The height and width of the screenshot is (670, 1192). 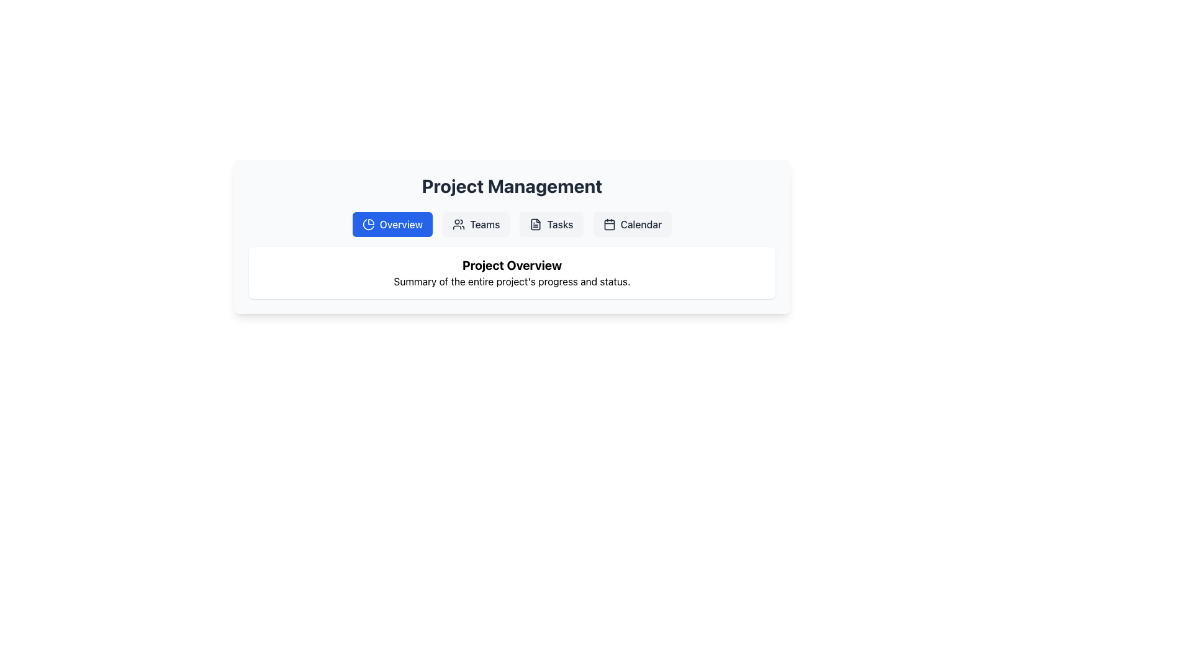 I want to click on the main panel of the calendar icon located within the 'Calendar' button in the navigation bar, so click(x=609, y=225).